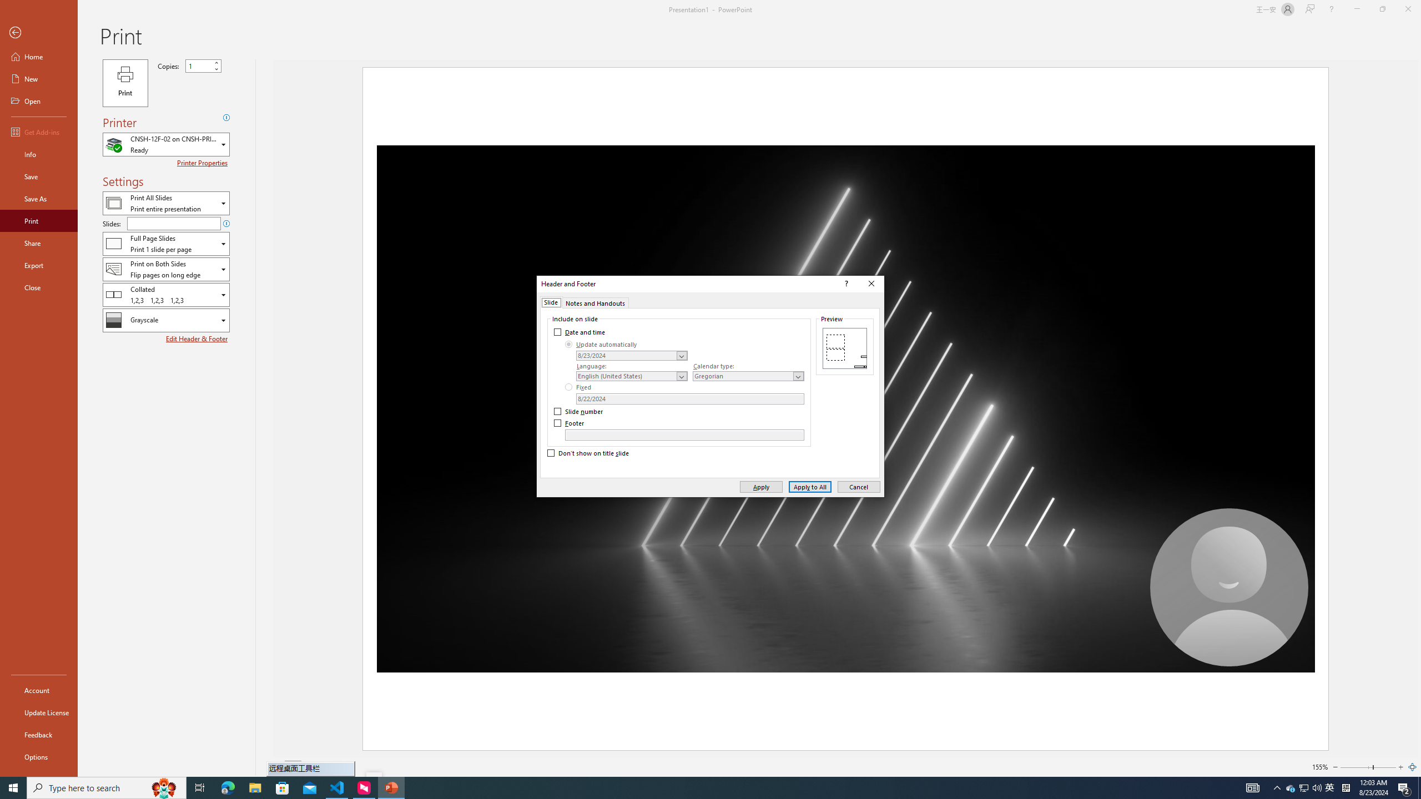  Describe the element at coordinates (38, 756) in the screenshot. I see `'Options'` at that location.